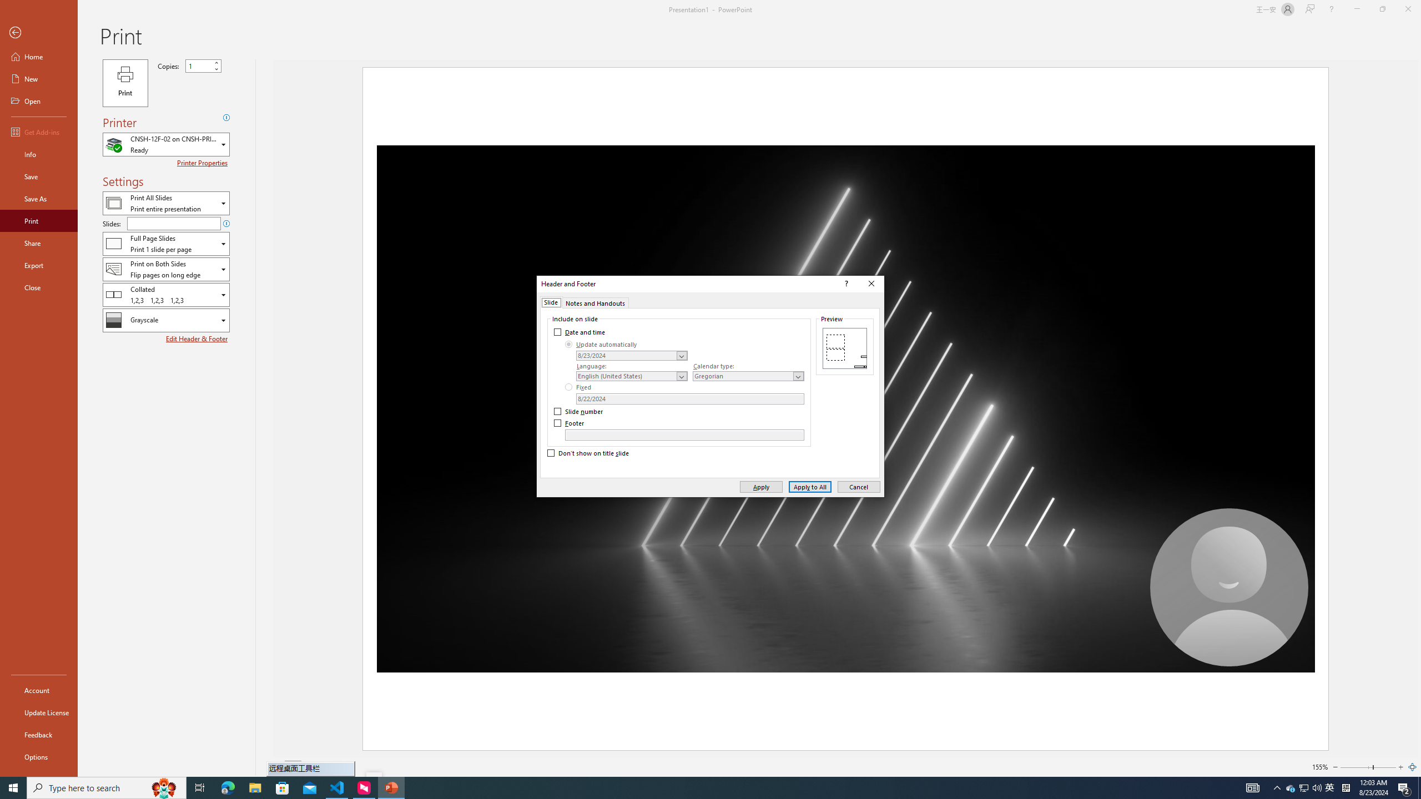  Describe the element at coordinates (38, 756) in the screenshot. I see `'Options'` at that location.